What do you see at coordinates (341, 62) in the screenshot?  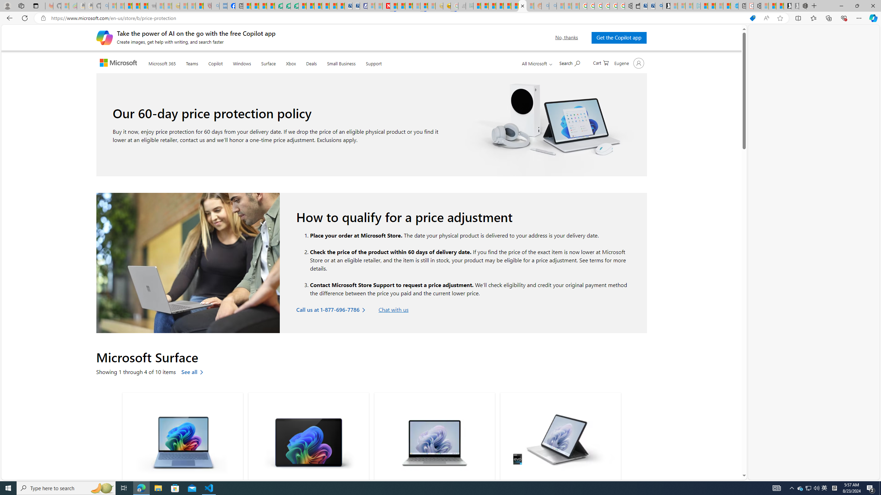 I see `'Small Business'` at bounding box center [341, 62].